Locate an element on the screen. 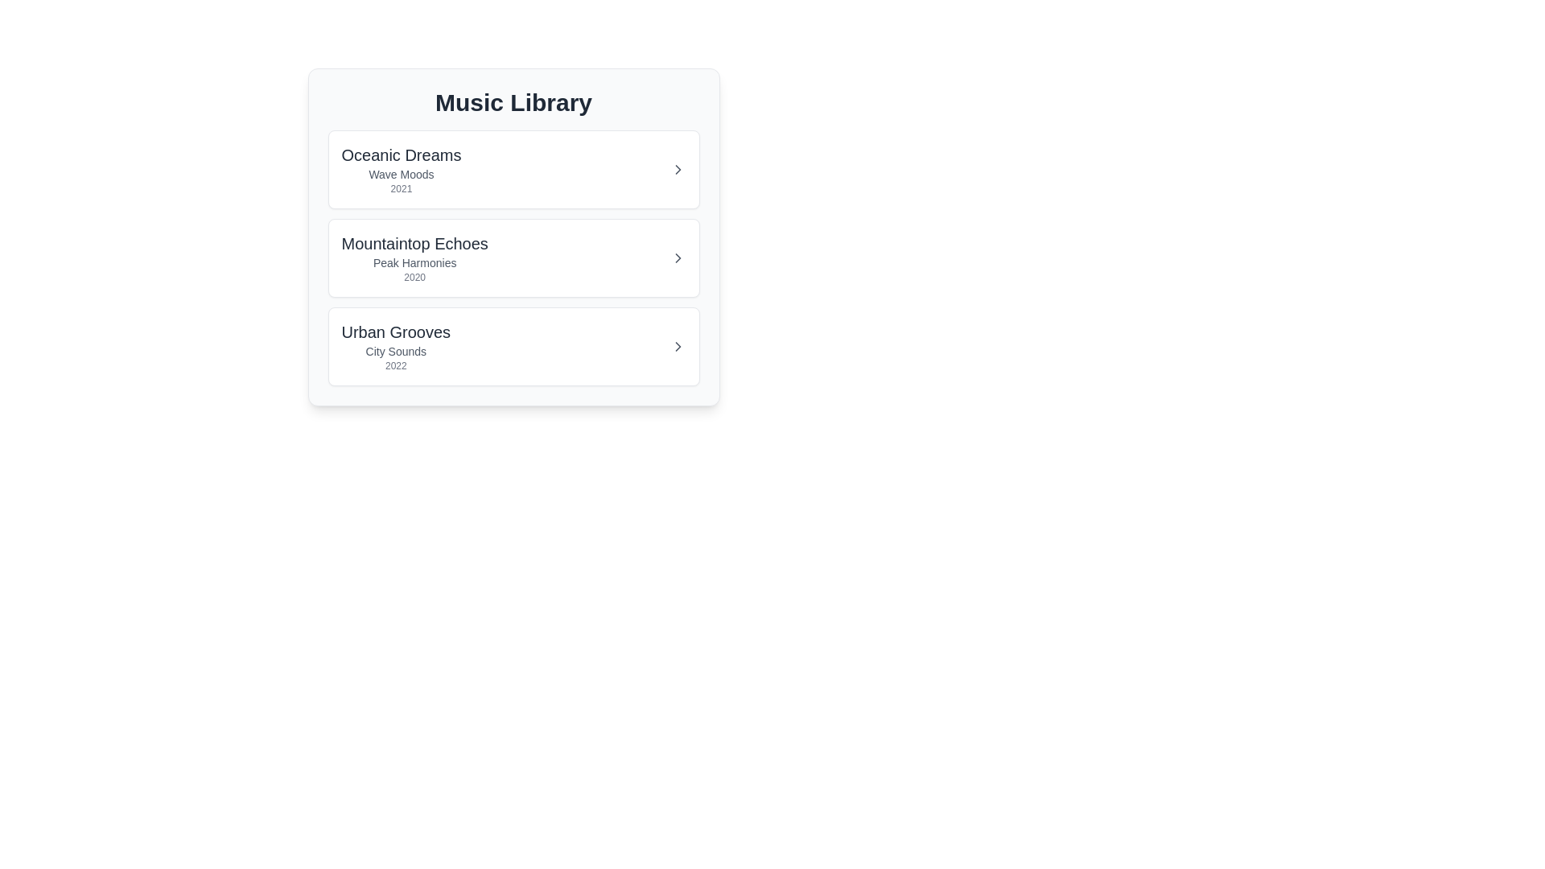 The width and height of the screenshot is (1545, 869). the album item Mountaintop Echoes to view its hover effect is located at coordinates (513, 257).